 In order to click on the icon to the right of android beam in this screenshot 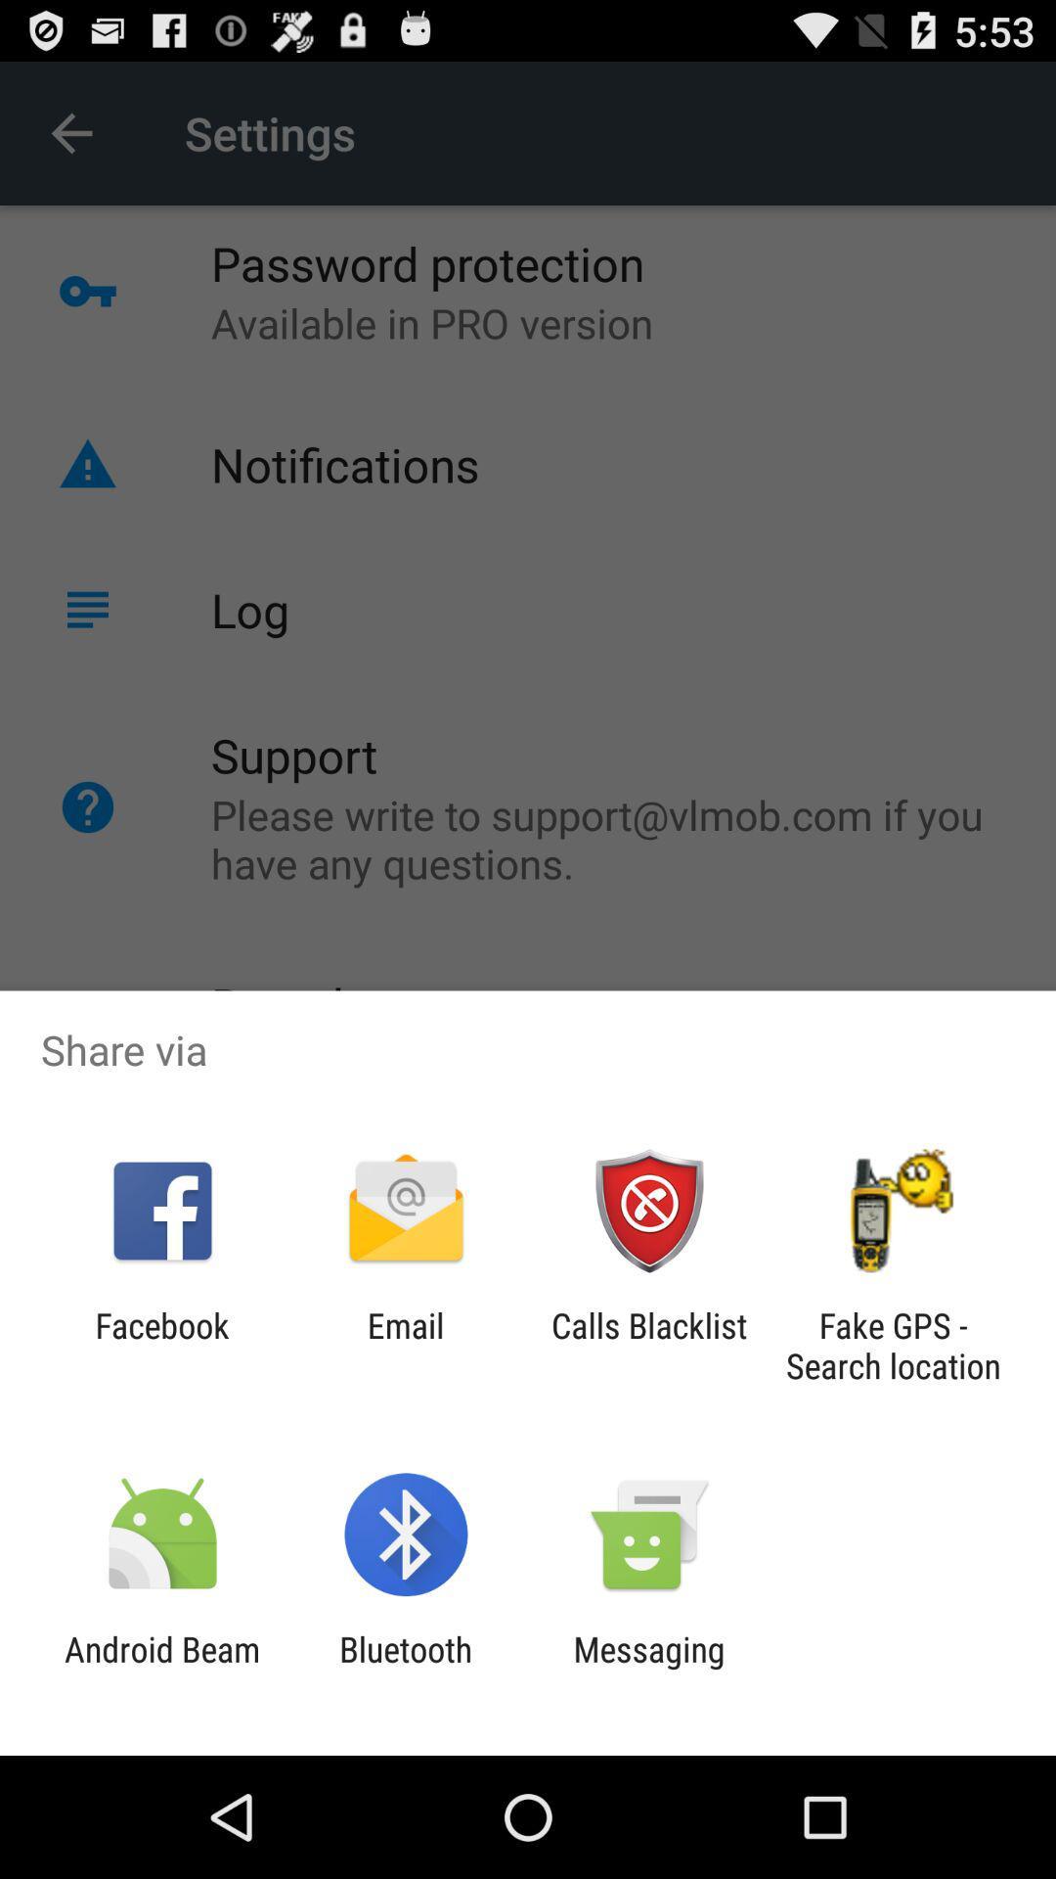, I will do `click(405, 1669)`.